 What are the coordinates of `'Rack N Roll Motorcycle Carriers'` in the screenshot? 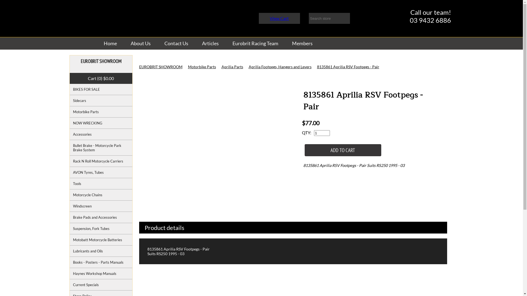 It's located at (101, 161).